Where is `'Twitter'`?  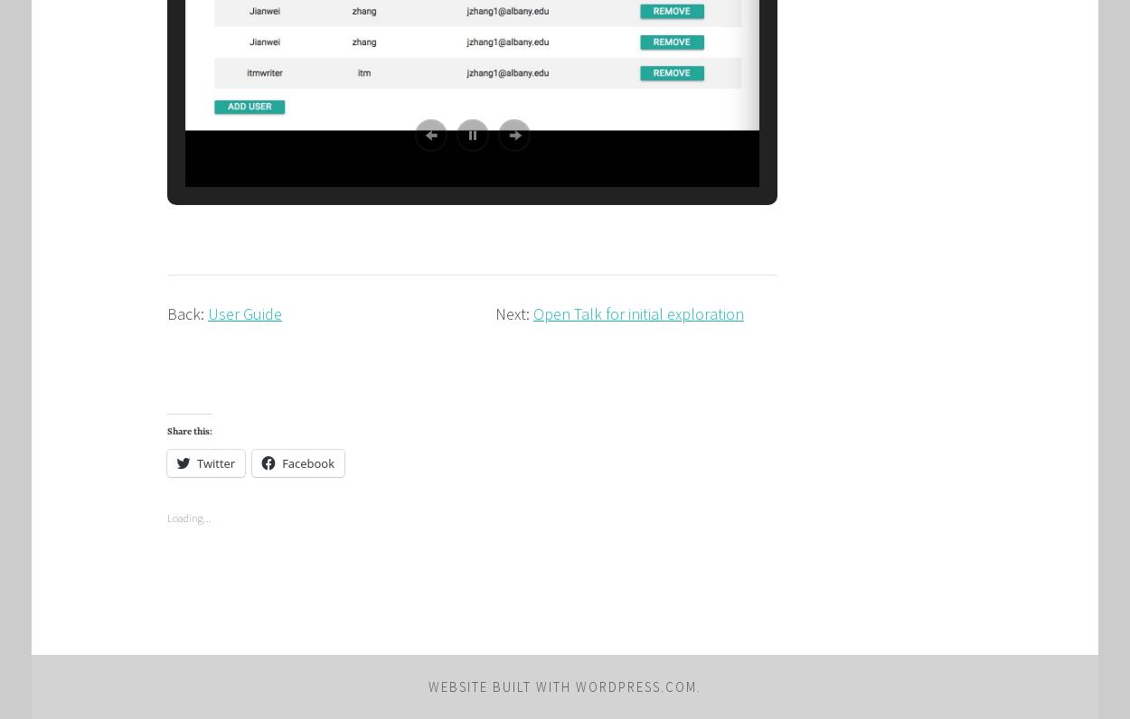
'Twitter' is located at coordinates (215, 462).